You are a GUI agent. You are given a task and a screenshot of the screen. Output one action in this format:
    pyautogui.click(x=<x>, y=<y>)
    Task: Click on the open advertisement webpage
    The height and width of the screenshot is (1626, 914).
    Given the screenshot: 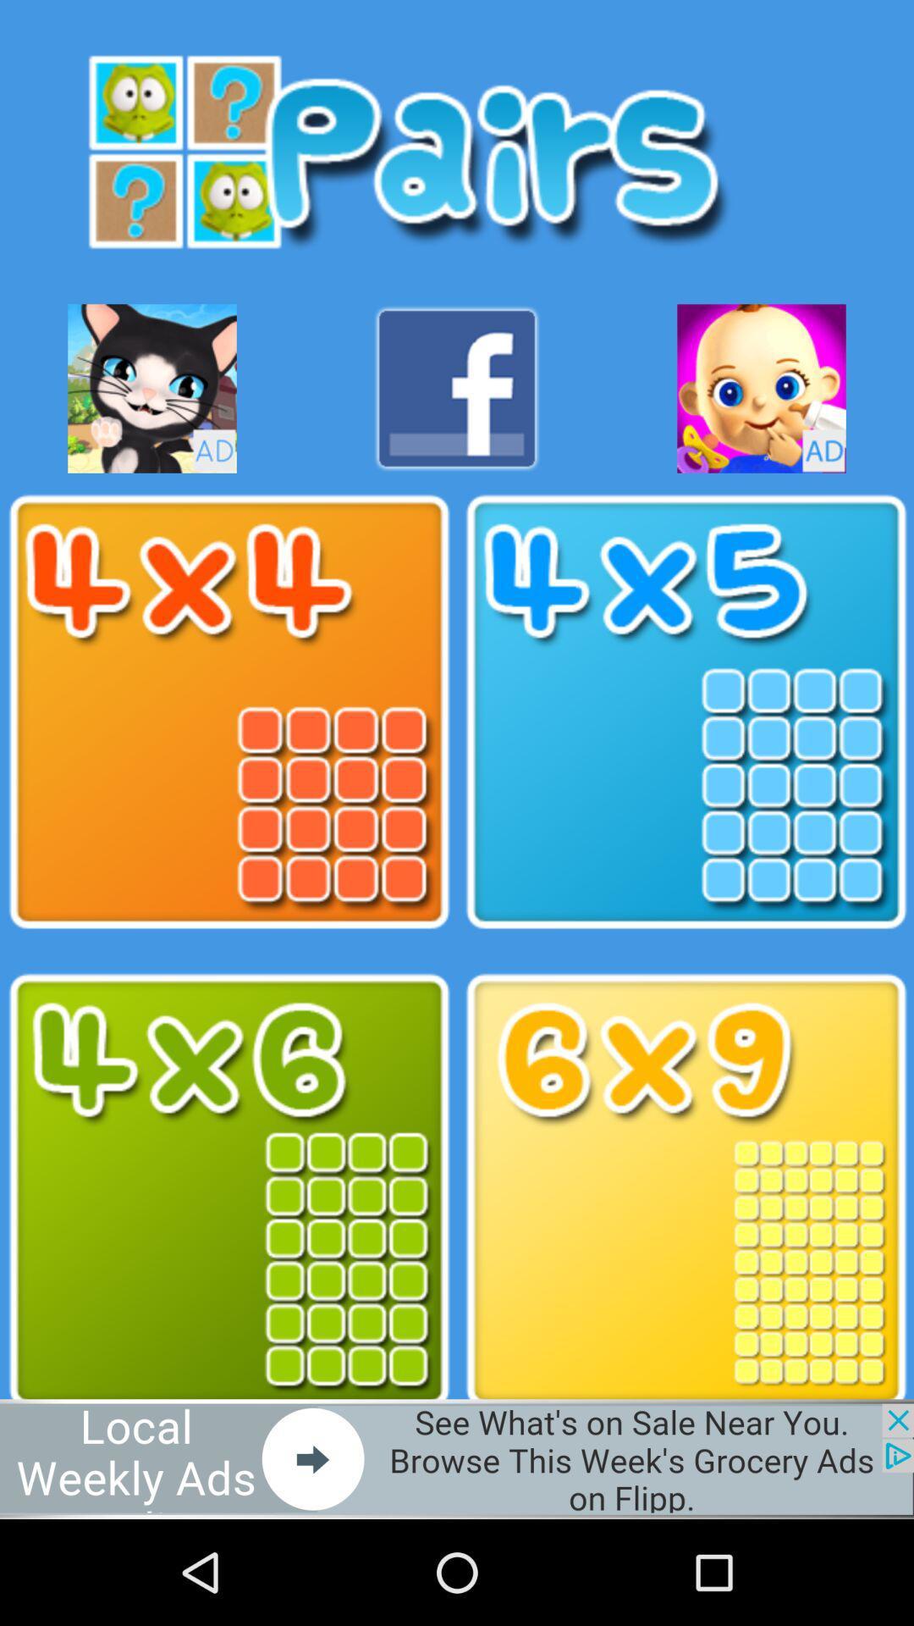 What is the action you would take?
    pyautogui.click(x=457, y=1458)
    